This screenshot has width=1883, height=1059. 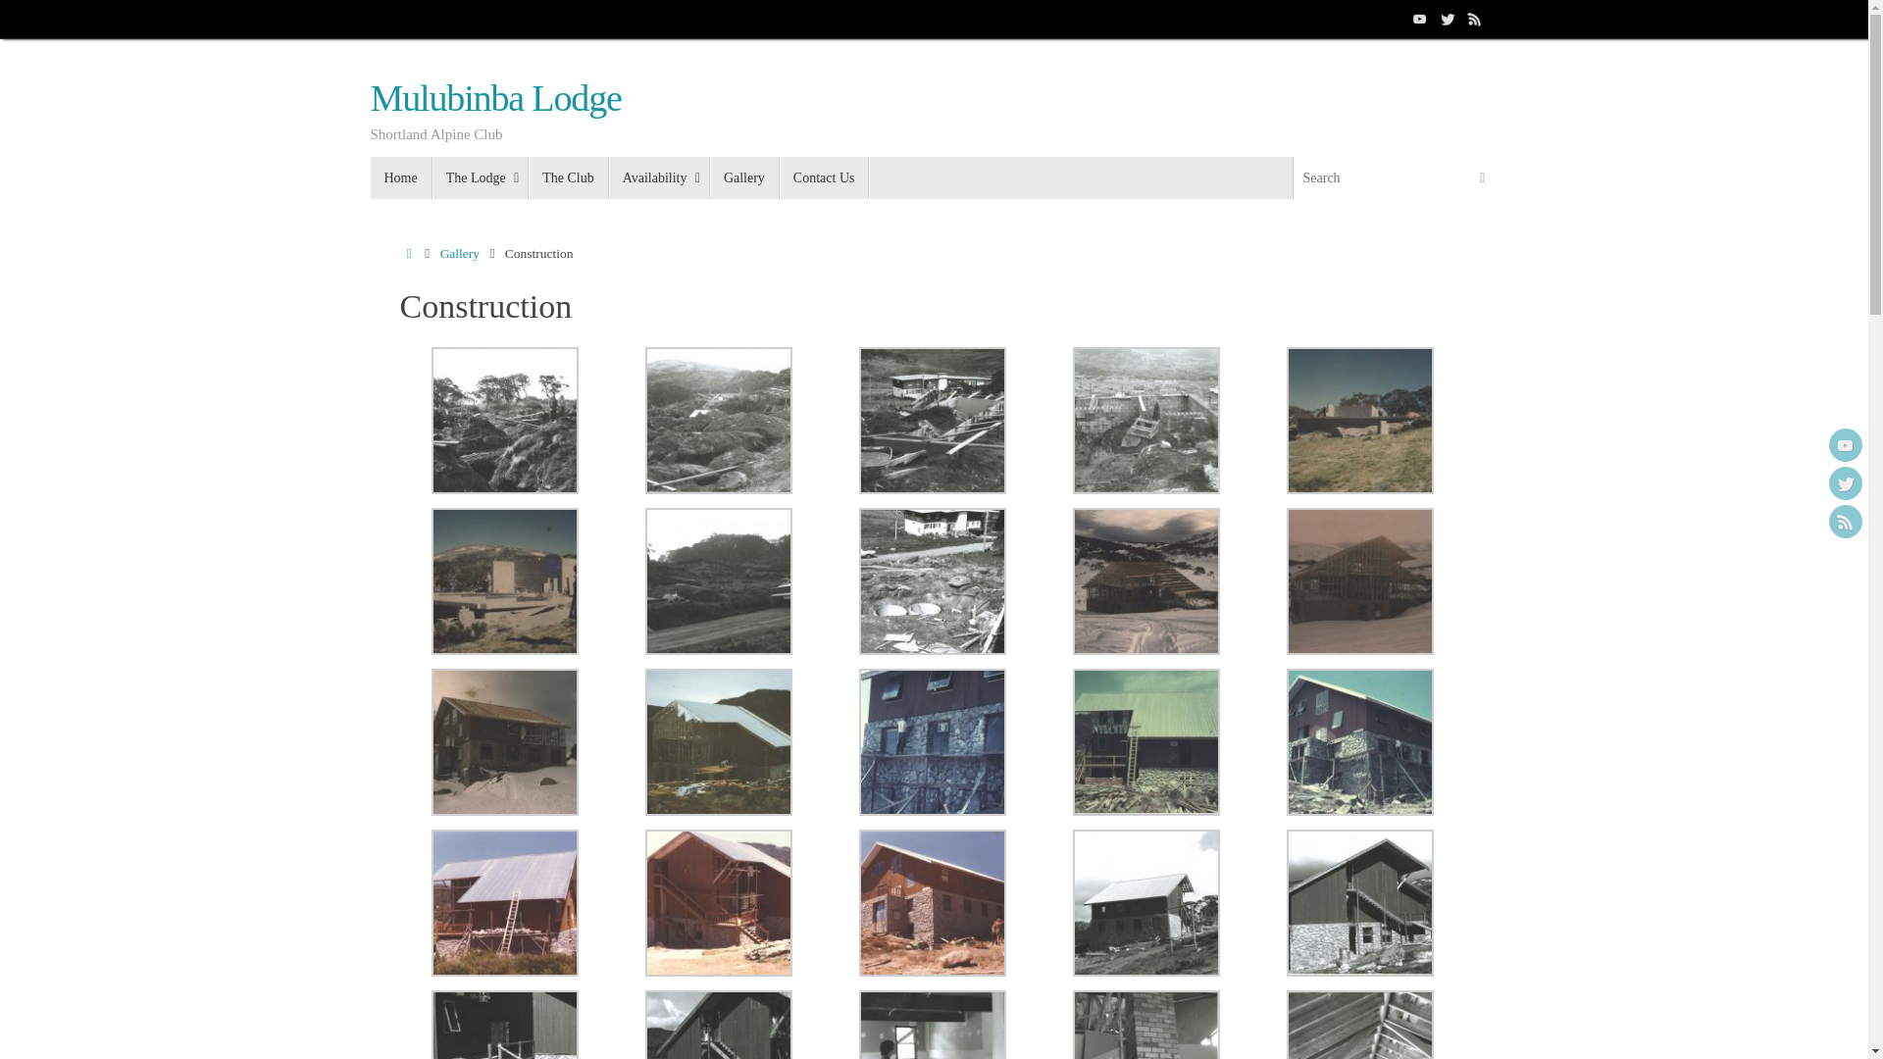 I want to click on 'YouTube', so click(x=1420, y=19).